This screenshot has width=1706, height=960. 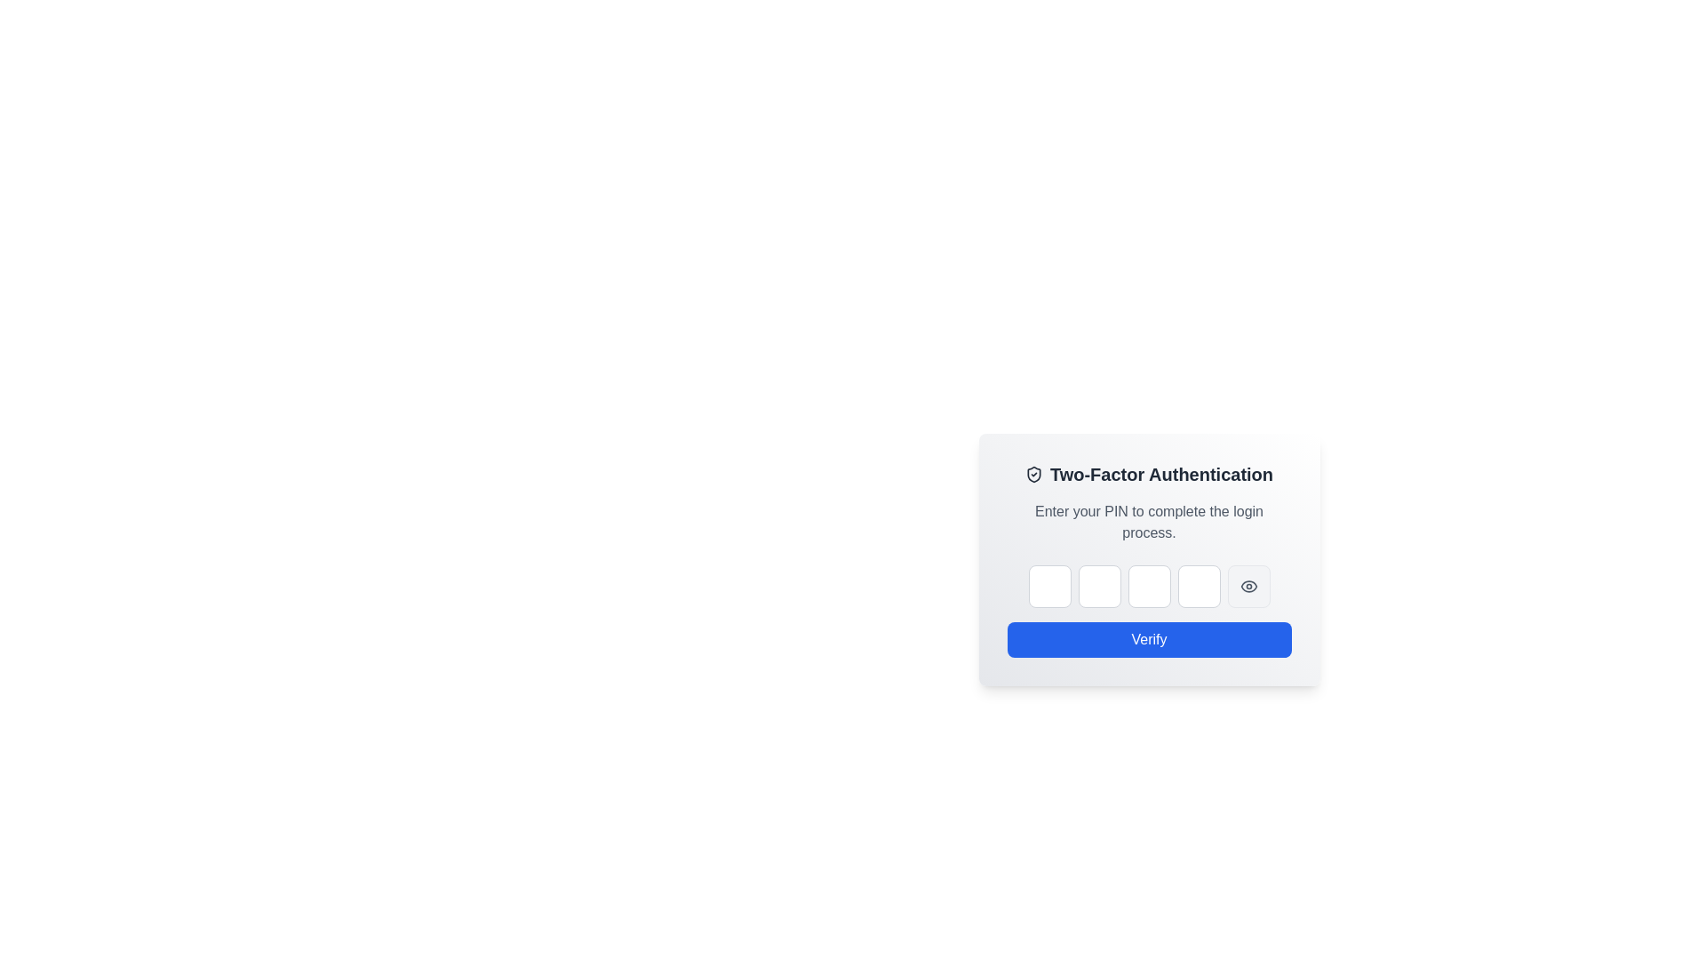 I want to click on the eye-icon located at the bottom-right section of the Two-Factor Authentication panel, so click(x=1248, y=586).